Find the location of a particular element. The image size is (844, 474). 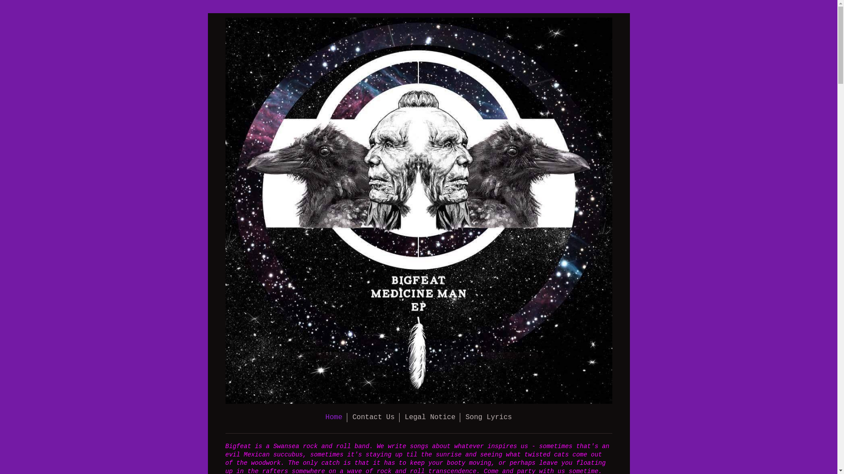

'Home' is located at coordinates (333, 417).